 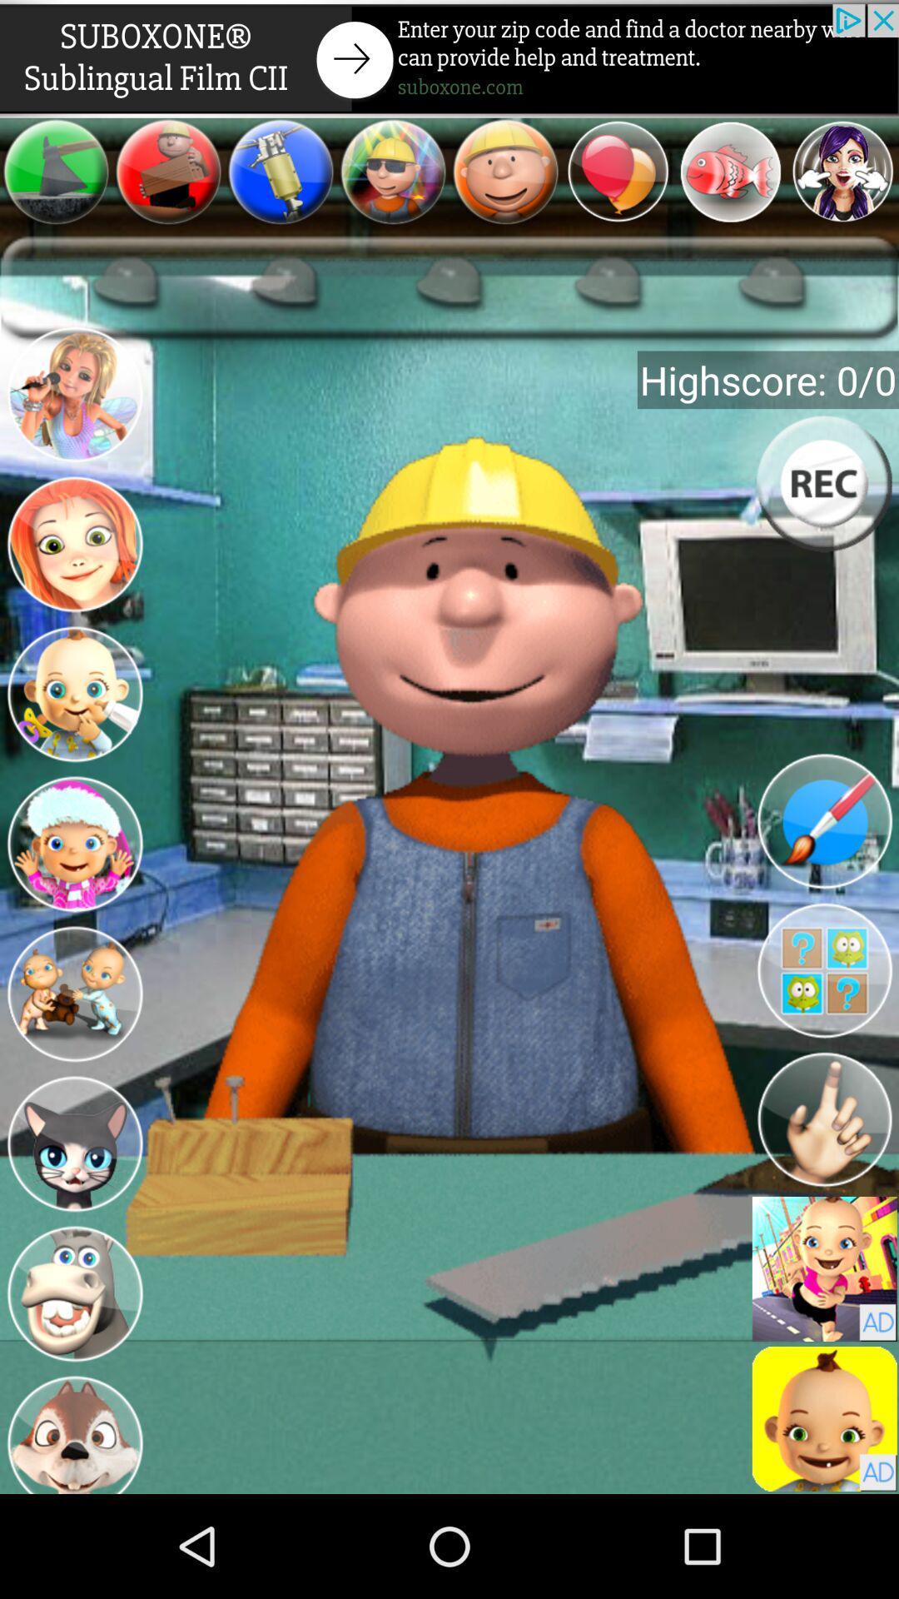 I want to click on the avatar icon, so click(x=842, y=183).